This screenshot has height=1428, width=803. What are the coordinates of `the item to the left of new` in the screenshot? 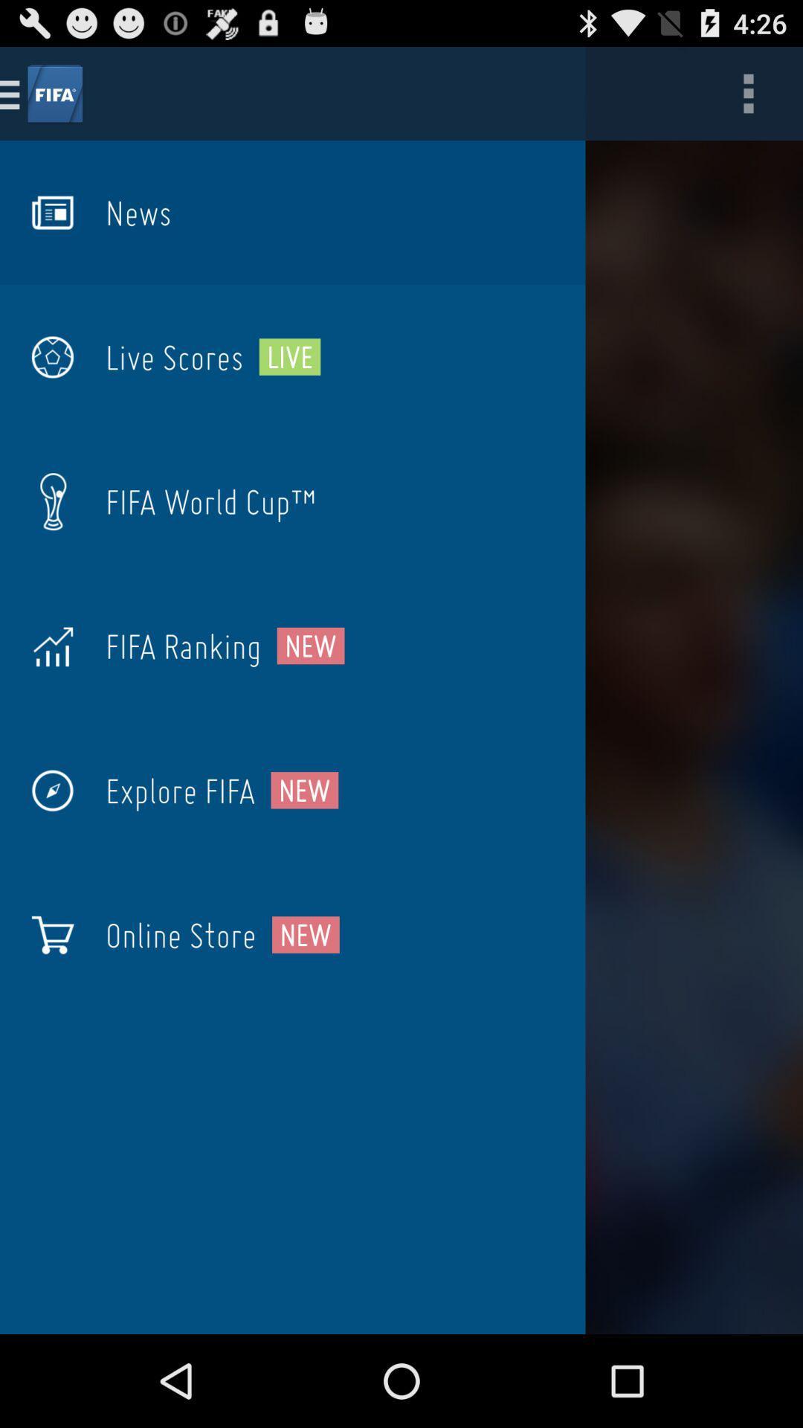 It's located at (179, 790).